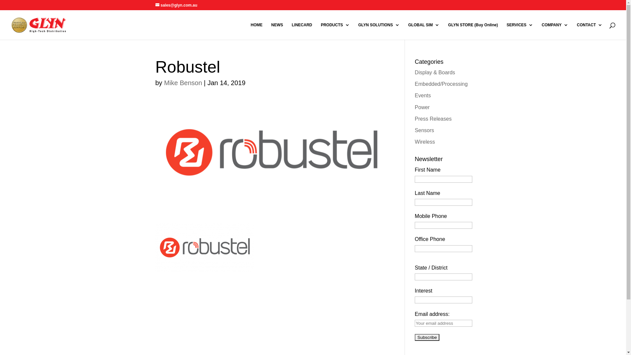 This screenshot has height=355, width=631. I want to click on 'GLYN STORE (Buy Online)', so click(448, 31).